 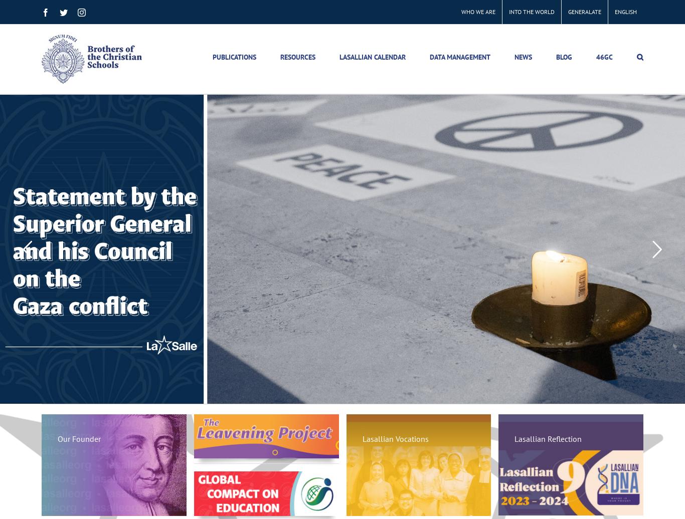 I want to click on '46GC', so click(x=604, y=57).